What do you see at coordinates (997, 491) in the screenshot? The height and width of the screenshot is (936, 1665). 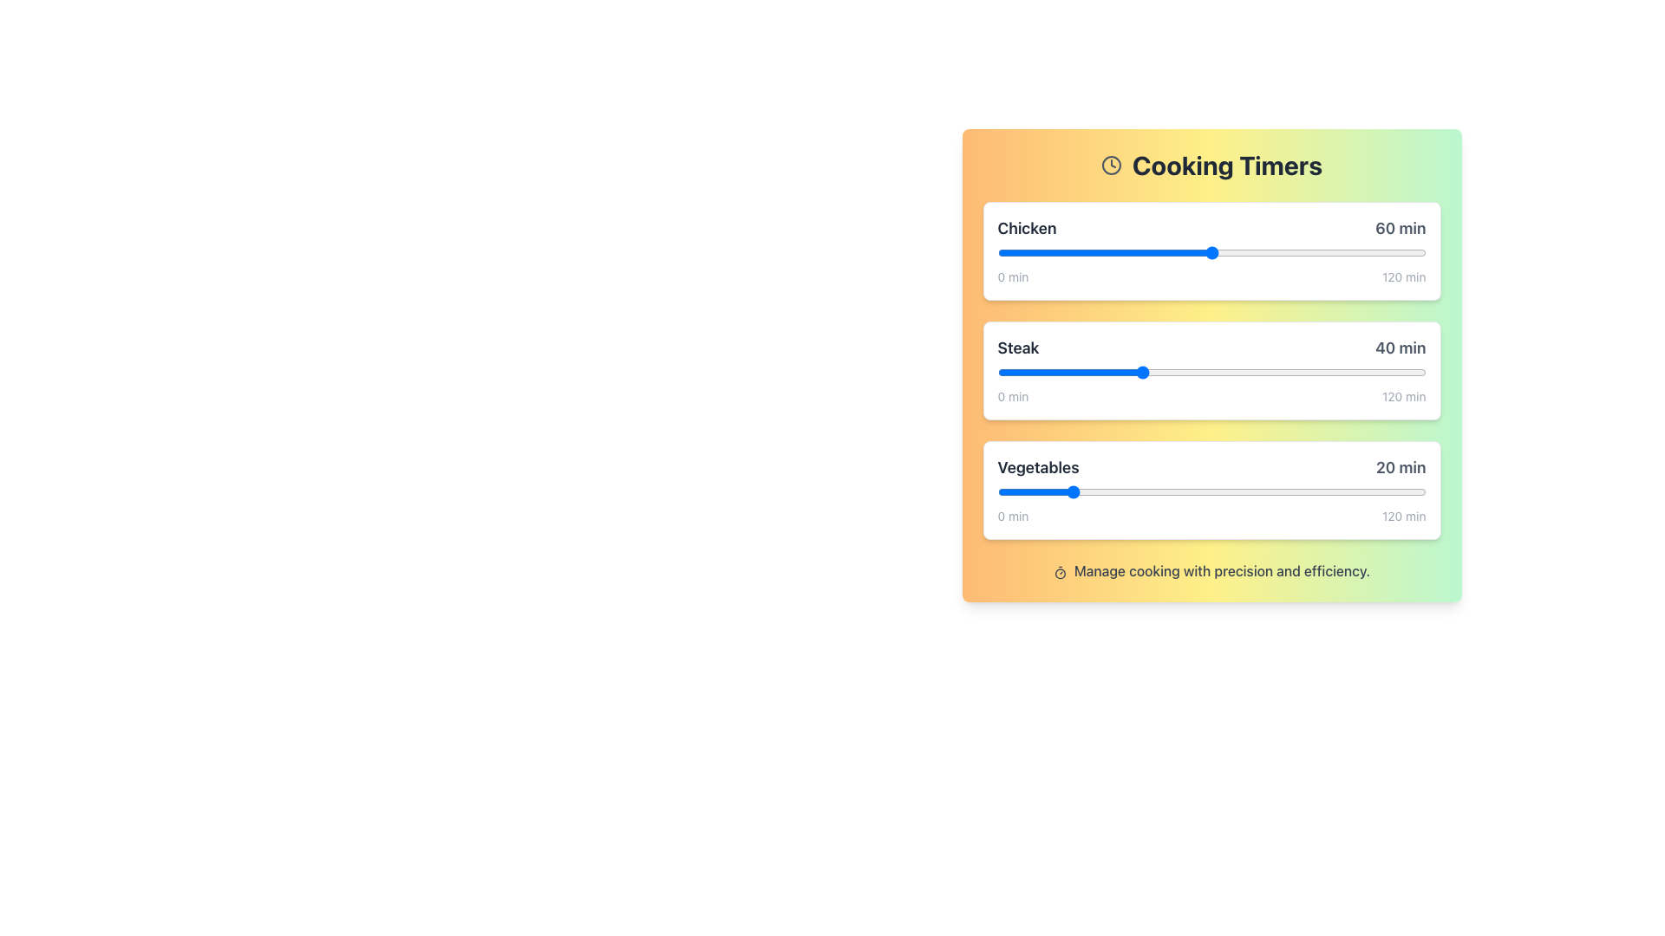 I see `the timer for vegetables` at bounding box center [997, 491].